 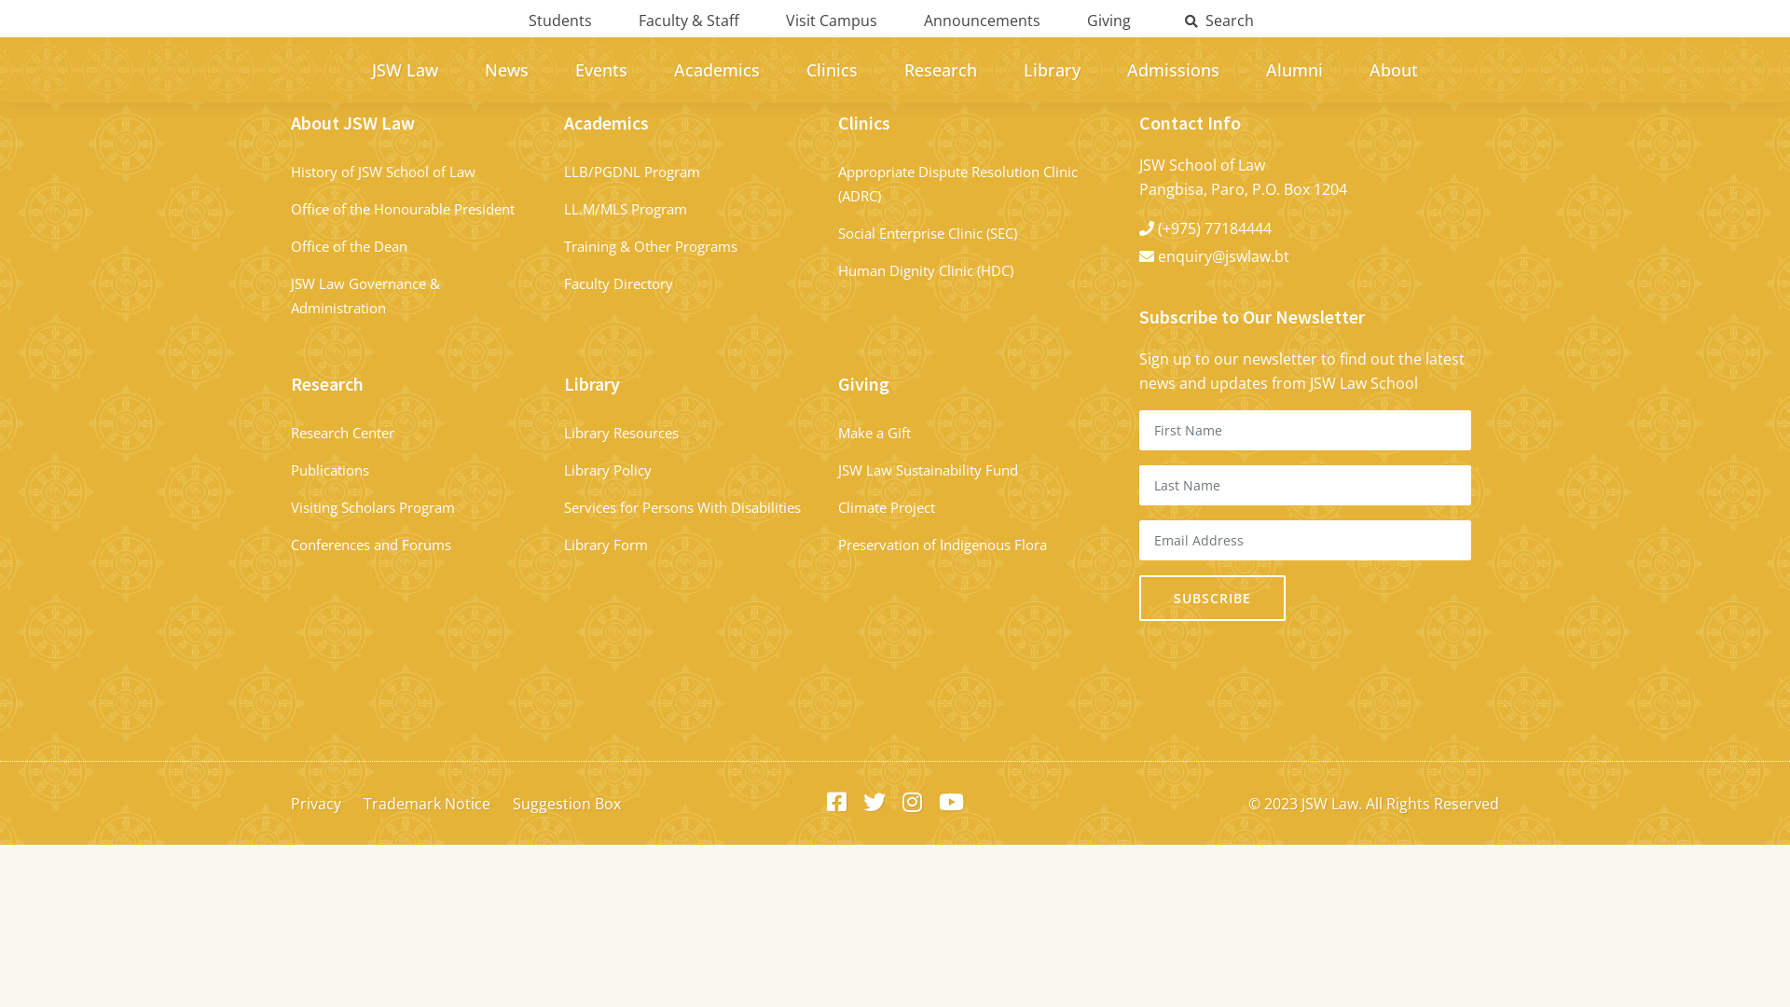 I want to click on 'JSW Law', so click(x=404, y=68).